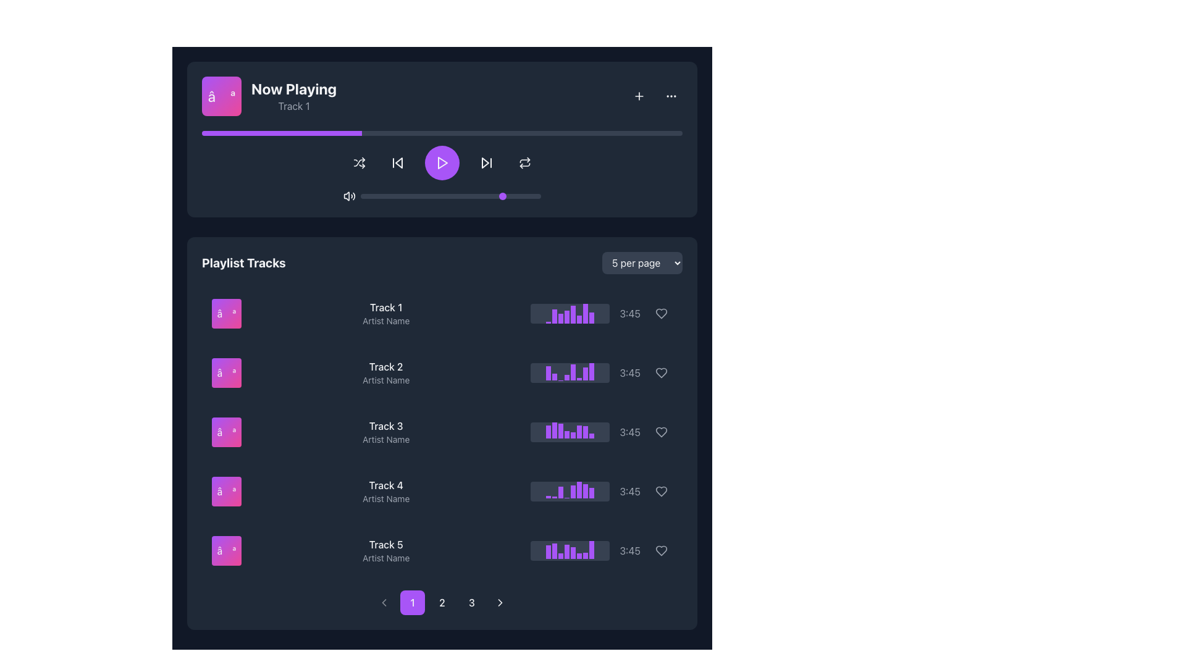  Describe the element at coordinates (384, 602) in the screenshot. I see `the button with a leftward arrow icon to go to the previous page in the pagination control` at that location.